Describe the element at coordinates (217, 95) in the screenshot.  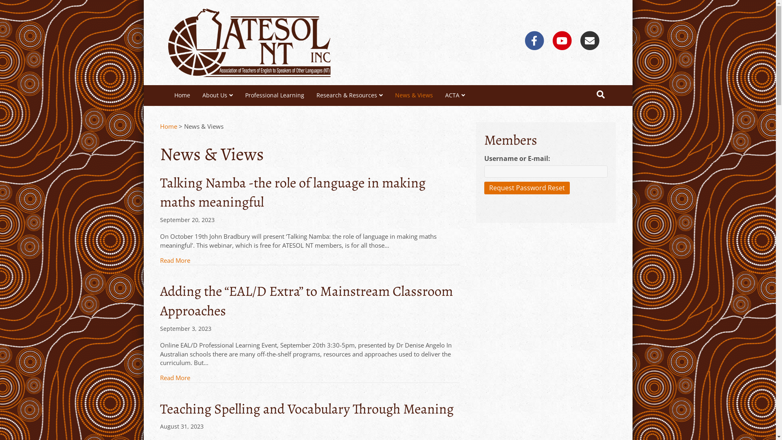
I see `'About Us'` at that location.